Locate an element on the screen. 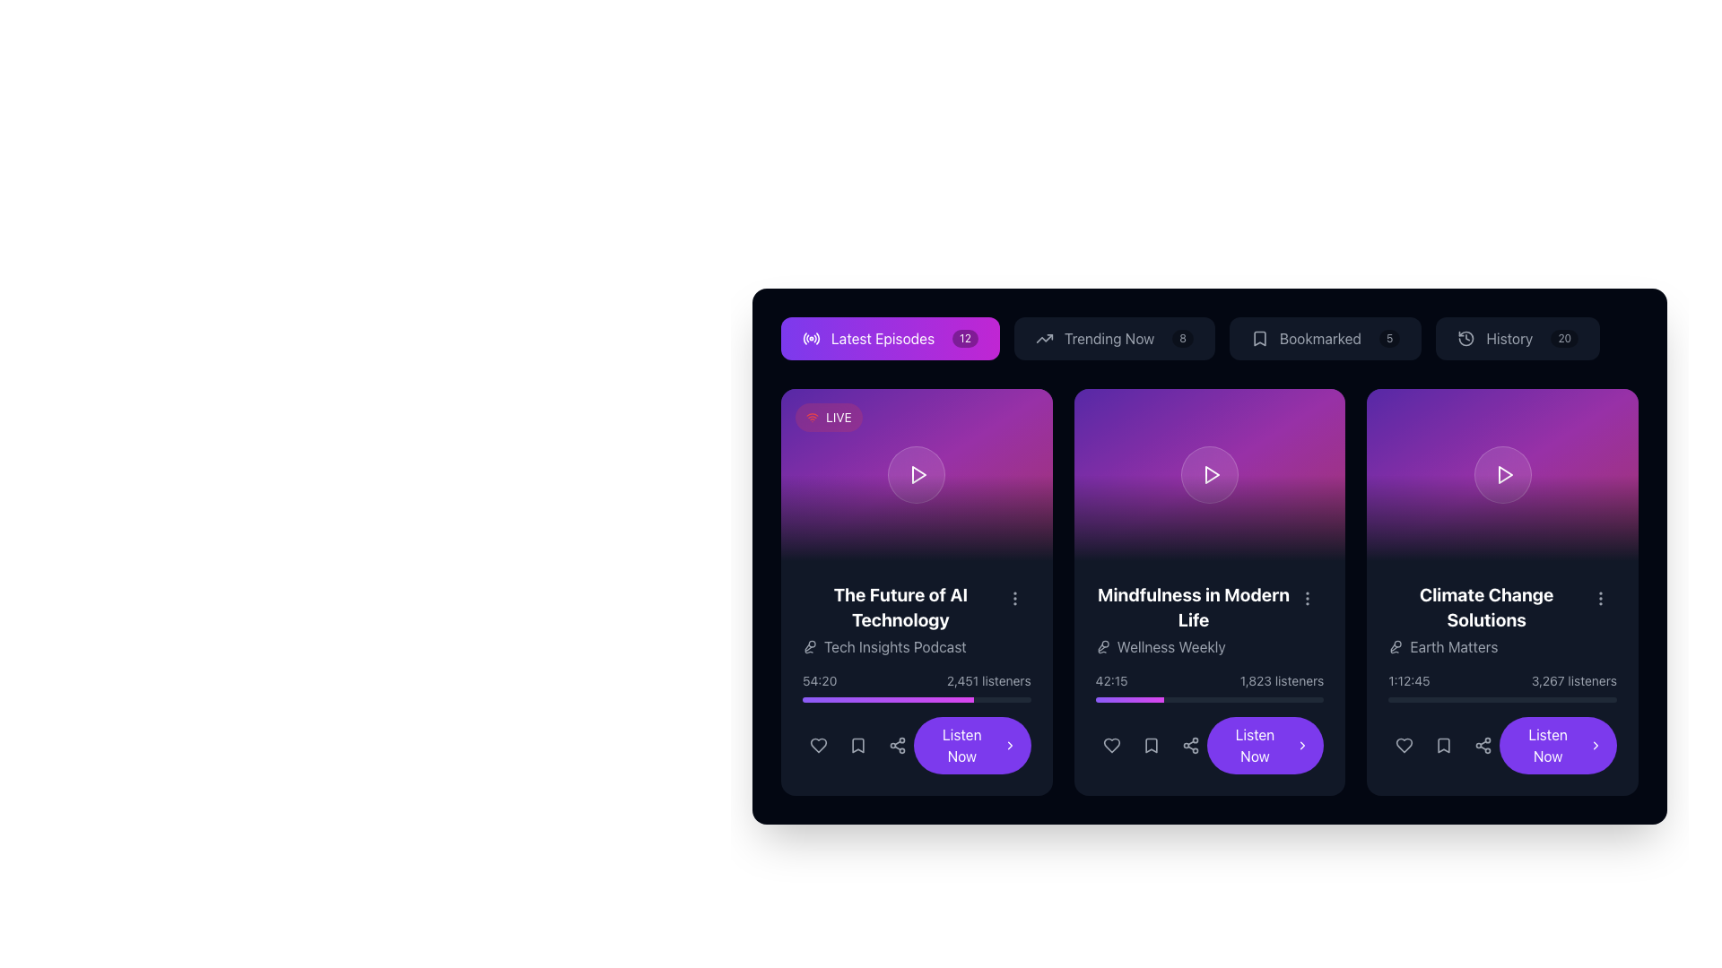  the bookmark or save icon, which is the second icon in the row under the first card is located at coordinates (857, 746).